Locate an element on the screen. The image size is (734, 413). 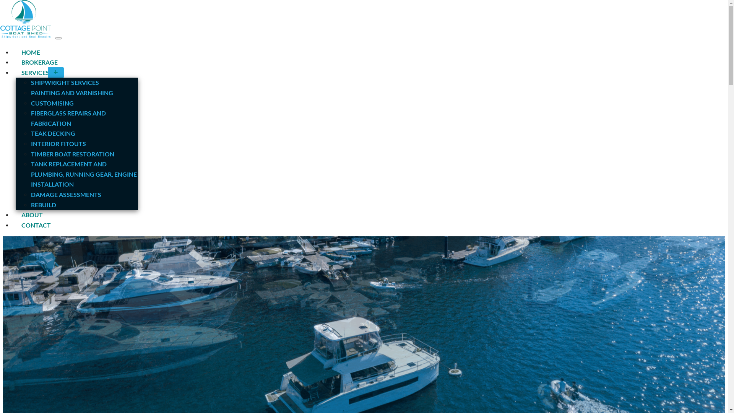
'TEAK DECKING' is located at coordinates (53, 133).